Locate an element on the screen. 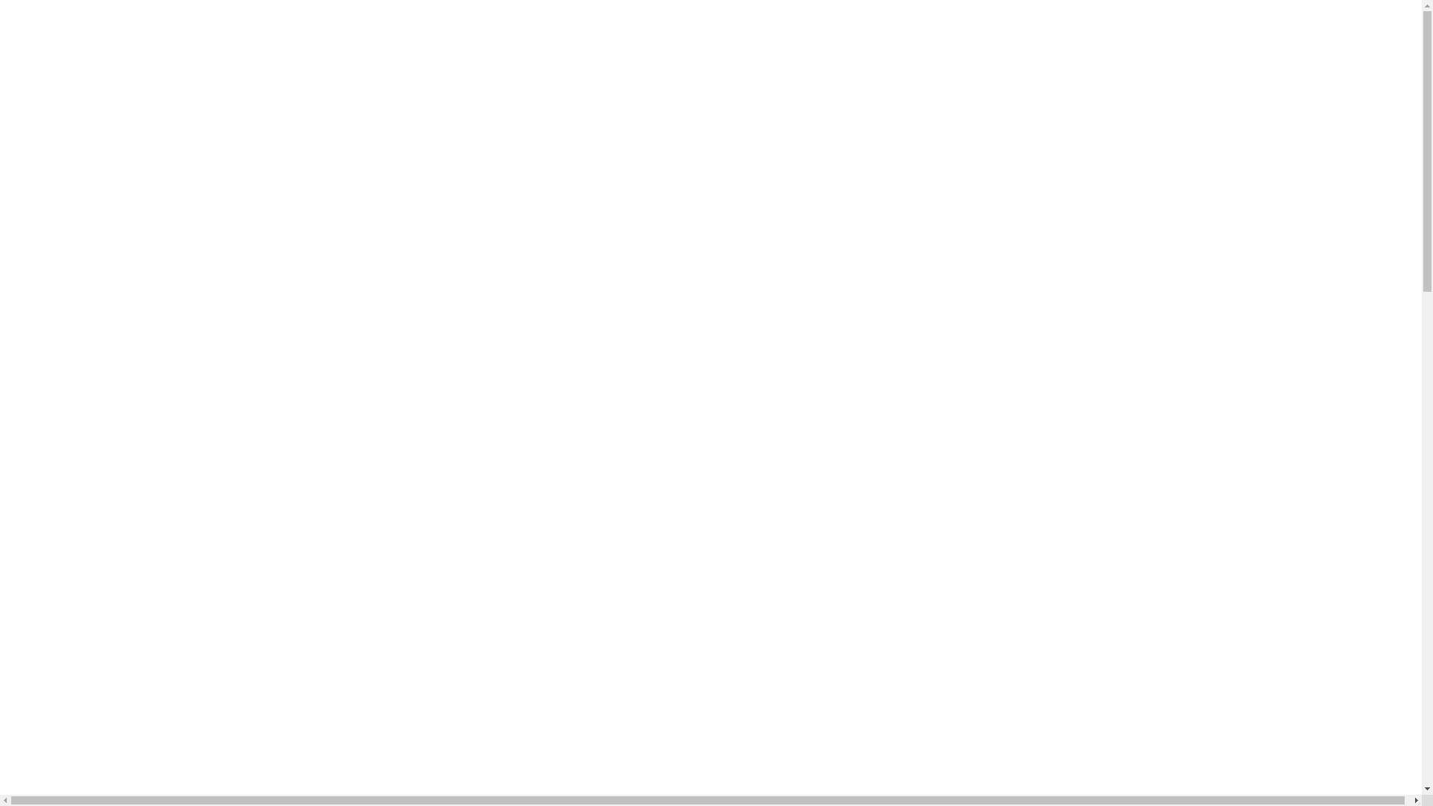 This screenshot has height=806, width=1433. 'ALL' is located at coordinates (47, 272).